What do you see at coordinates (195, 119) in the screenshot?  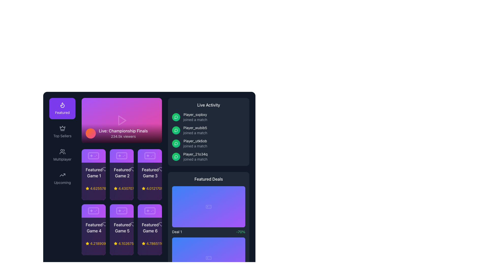 I see `the text label that says 'joined a match'` at bounding box center [195, 119].